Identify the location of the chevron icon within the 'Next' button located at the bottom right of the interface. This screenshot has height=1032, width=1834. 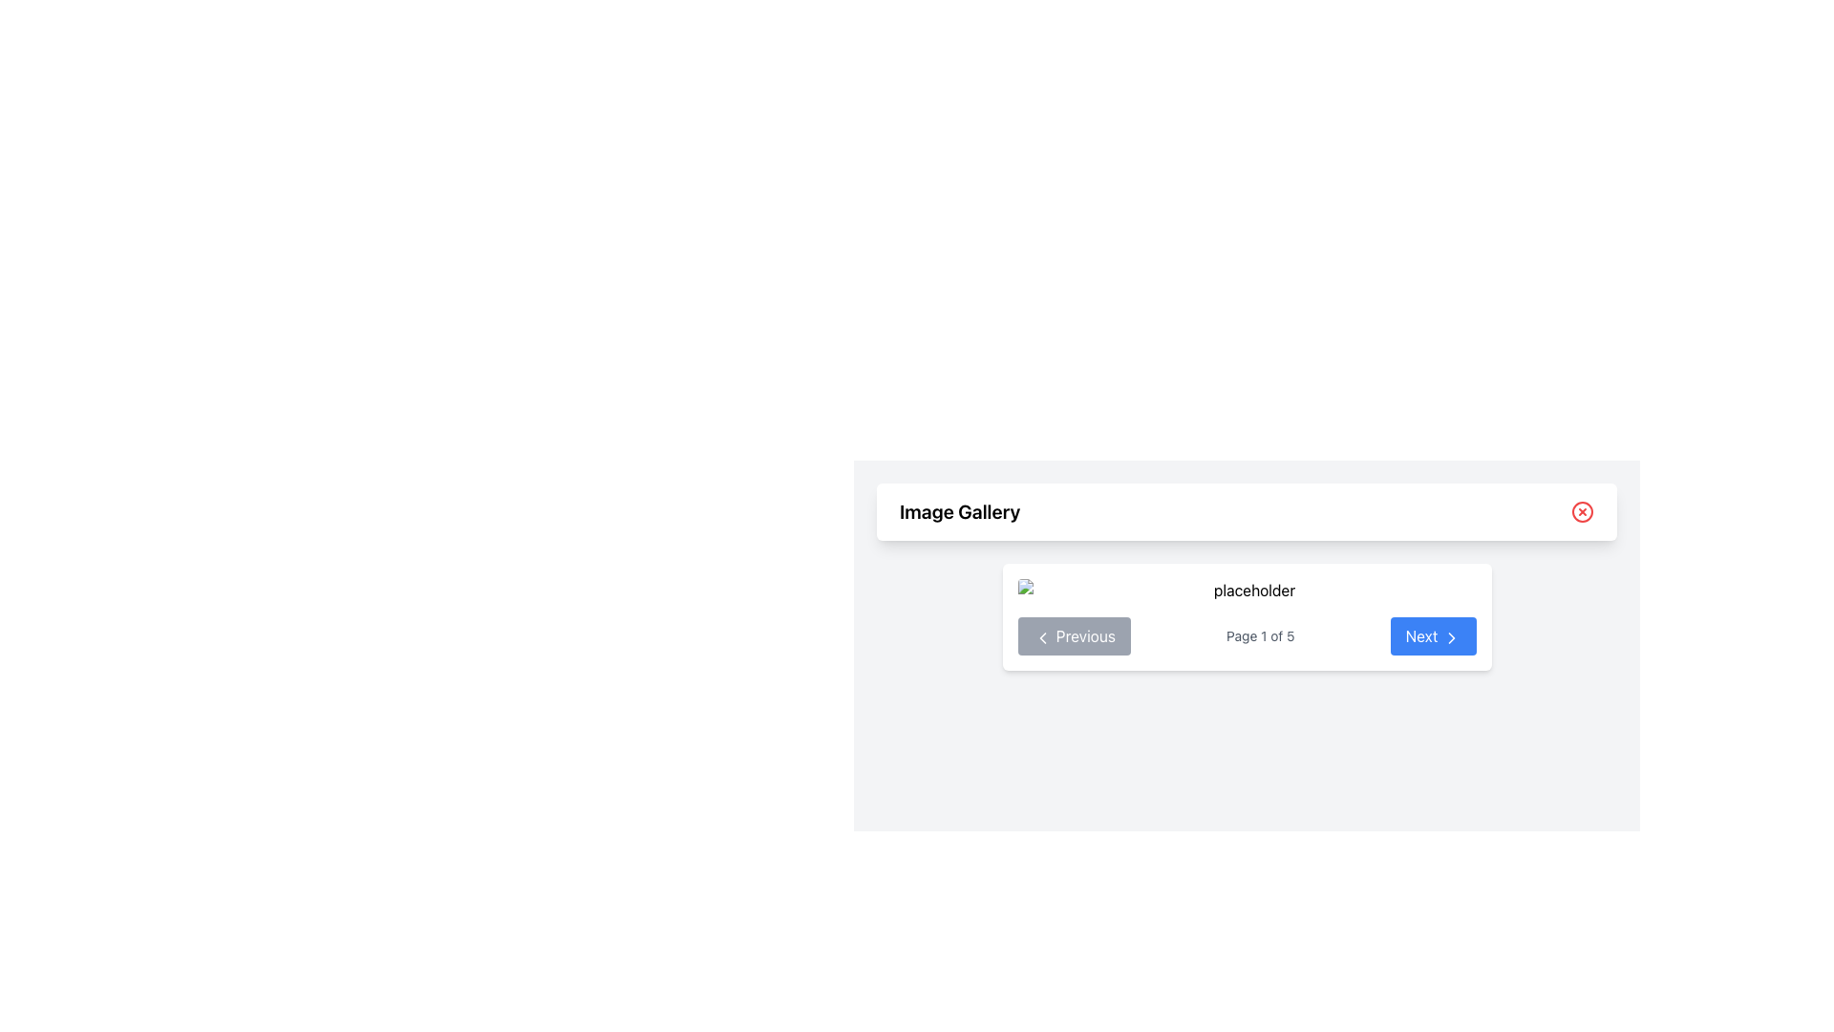
(1451, 637).